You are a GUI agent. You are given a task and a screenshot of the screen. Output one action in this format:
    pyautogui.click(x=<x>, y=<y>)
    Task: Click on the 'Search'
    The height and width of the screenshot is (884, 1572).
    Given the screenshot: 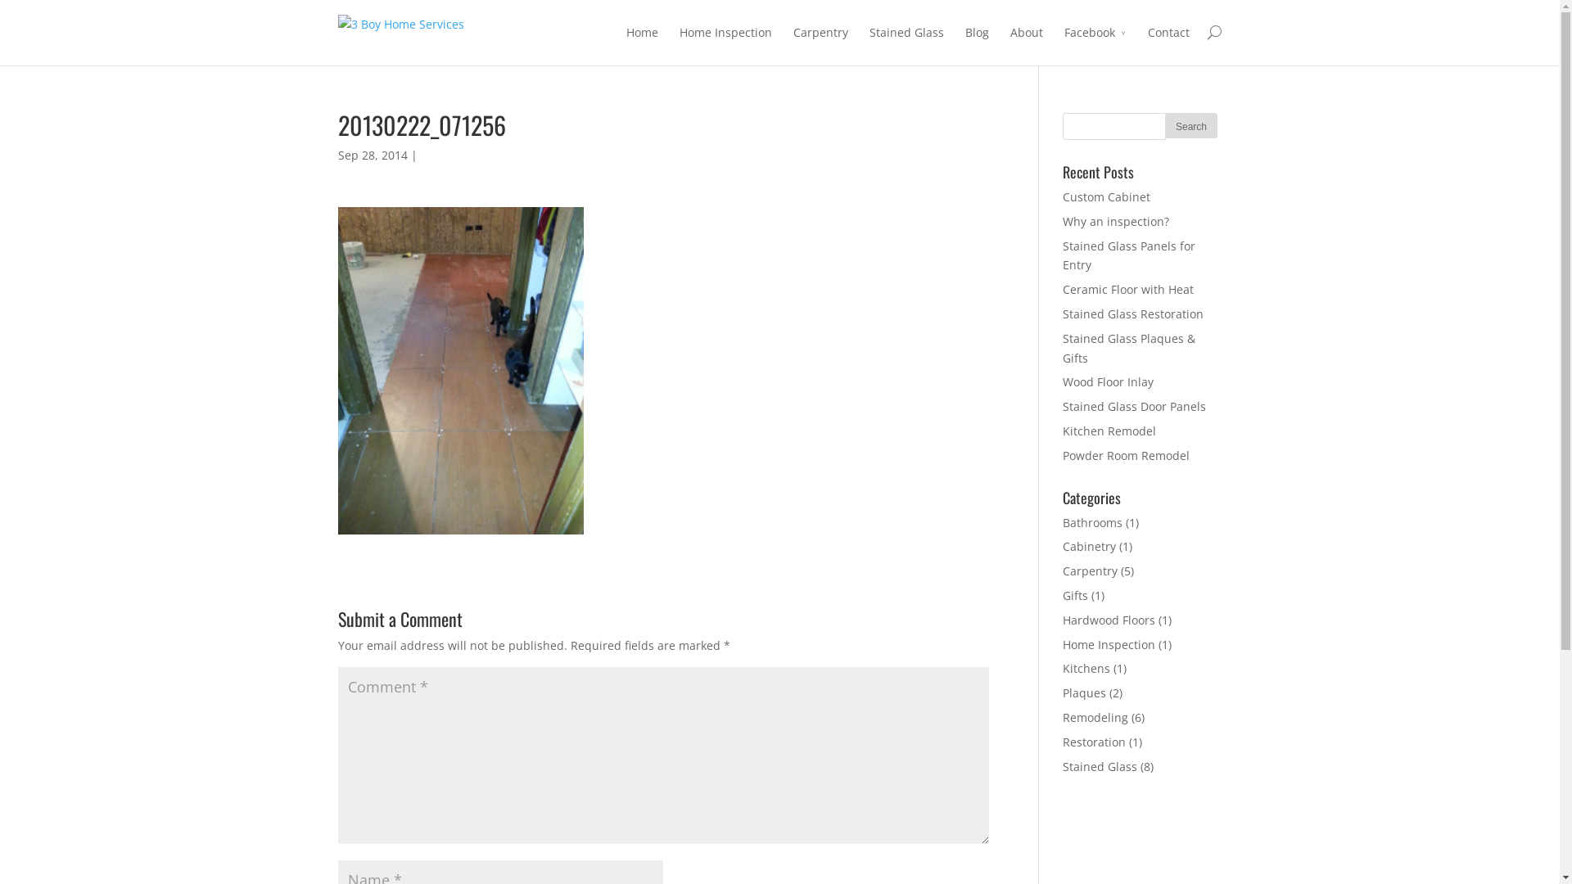 What is the action you would take?
    pyautogui.click(x=1191, y=124)
    